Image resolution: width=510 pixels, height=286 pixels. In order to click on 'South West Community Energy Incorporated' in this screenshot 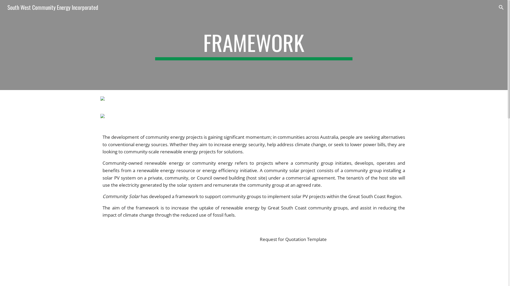, I will do `click(53, 6)`.